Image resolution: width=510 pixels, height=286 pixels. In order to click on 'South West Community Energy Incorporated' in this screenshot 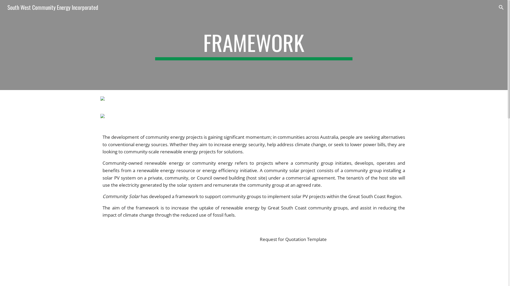, I will do `click(53, 6)`.